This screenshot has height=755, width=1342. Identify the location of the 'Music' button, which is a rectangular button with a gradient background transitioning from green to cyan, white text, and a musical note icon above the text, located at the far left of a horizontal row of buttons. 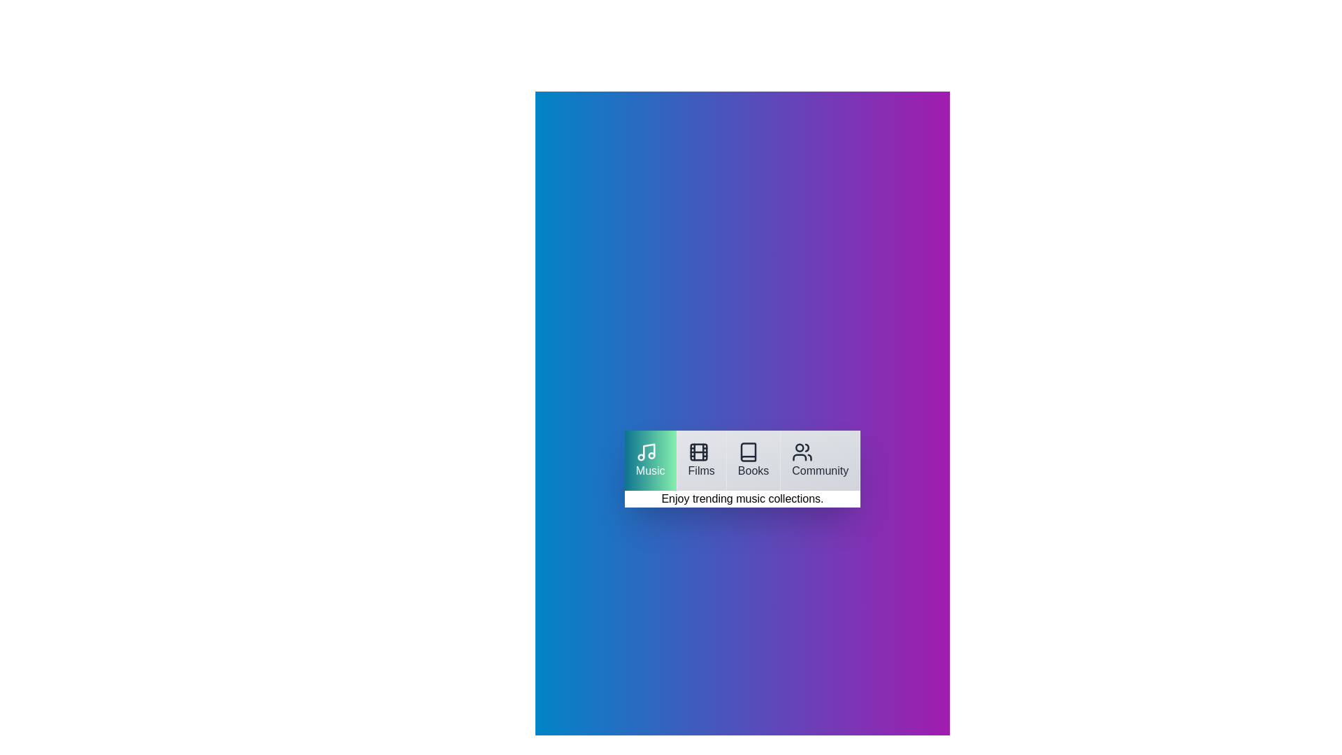
(650, 461).